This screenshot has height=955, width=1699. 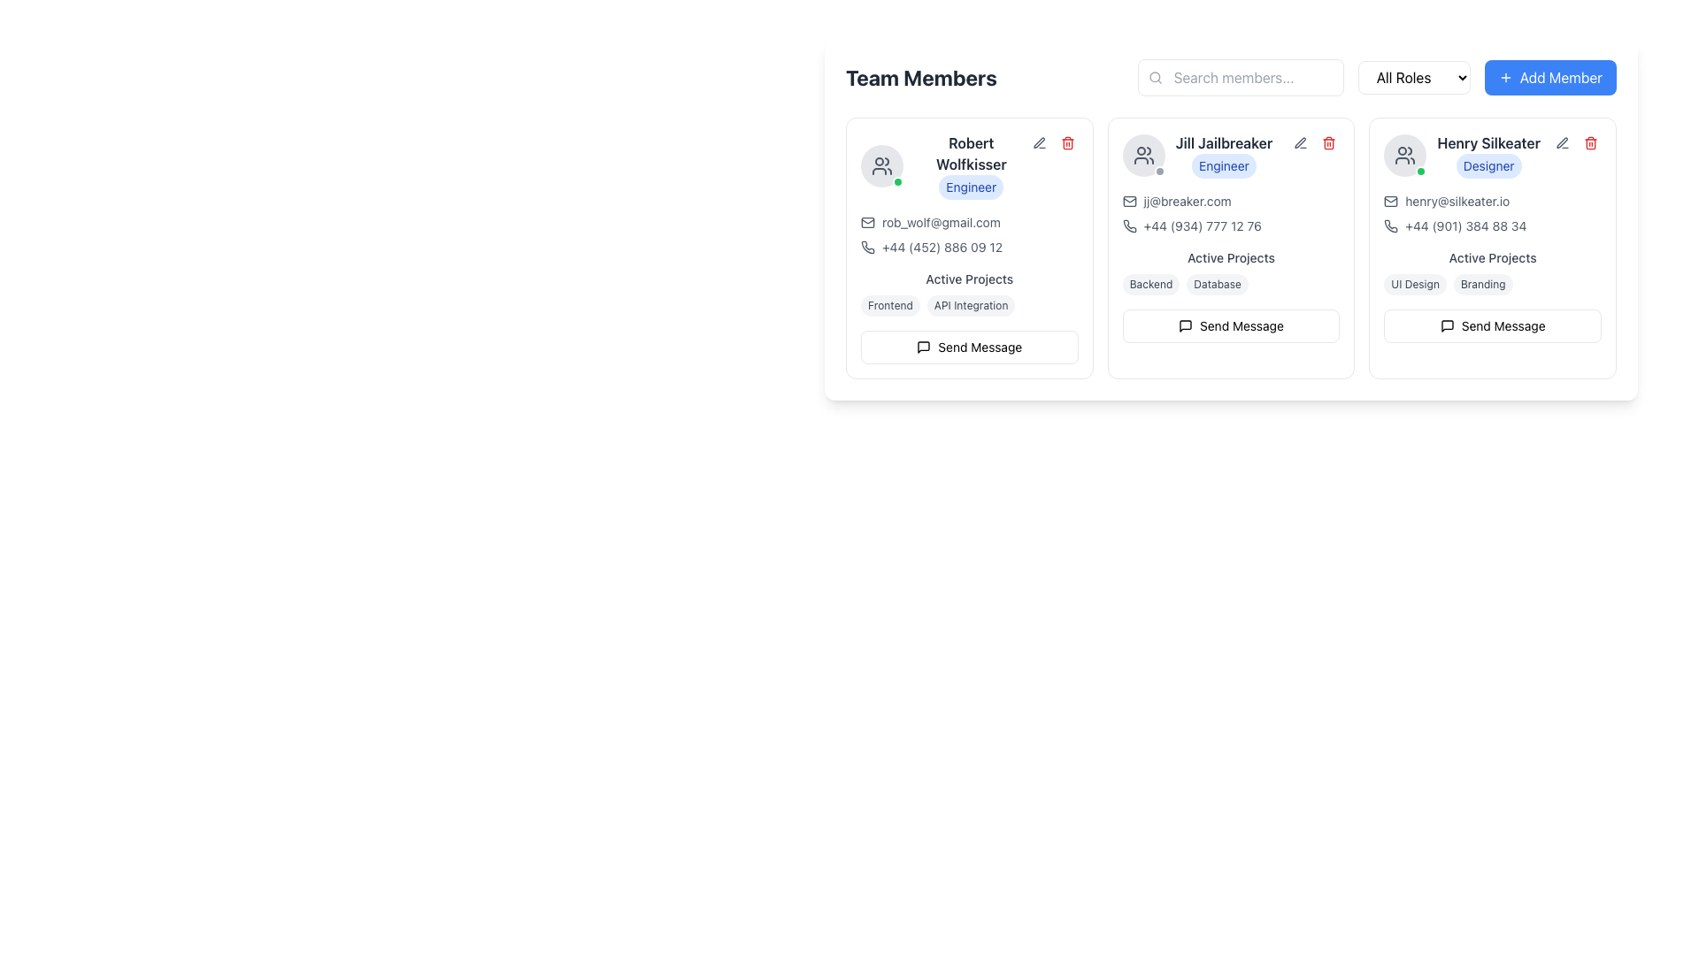 I want to click on the red trash bin icon button located in the top-right corner of Jill Jailbreaker's user card, so click(x=1329, y=142).